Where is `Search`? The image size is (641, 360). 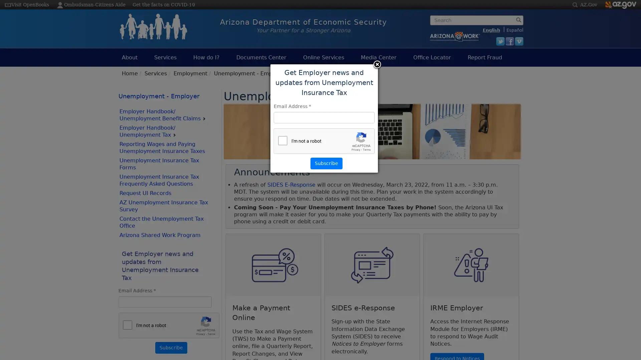
Search is located at coordinates (432, 30).